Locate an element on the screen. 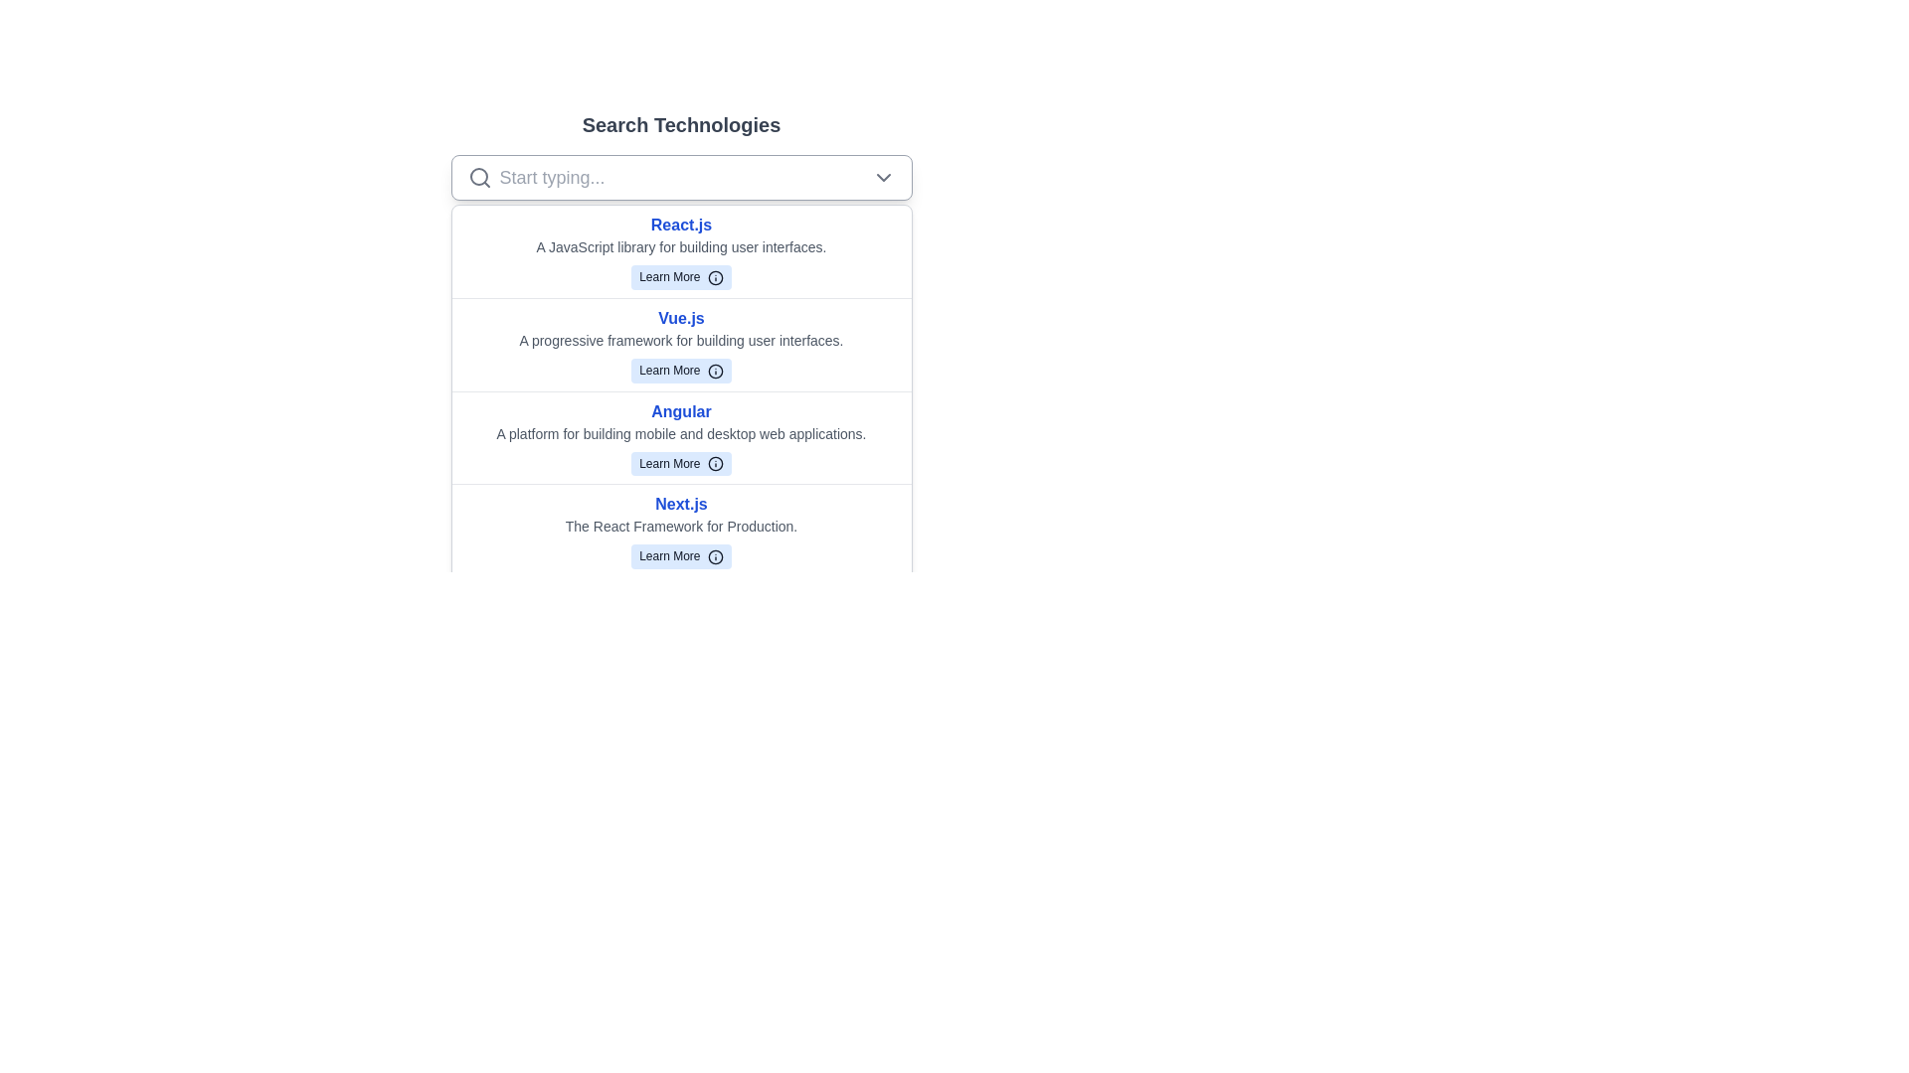  the text label that describes the 'Next.js' framework, positioned below the 'Next.js' title and above the 'Learn More' button is located at coordinates (681, 526).